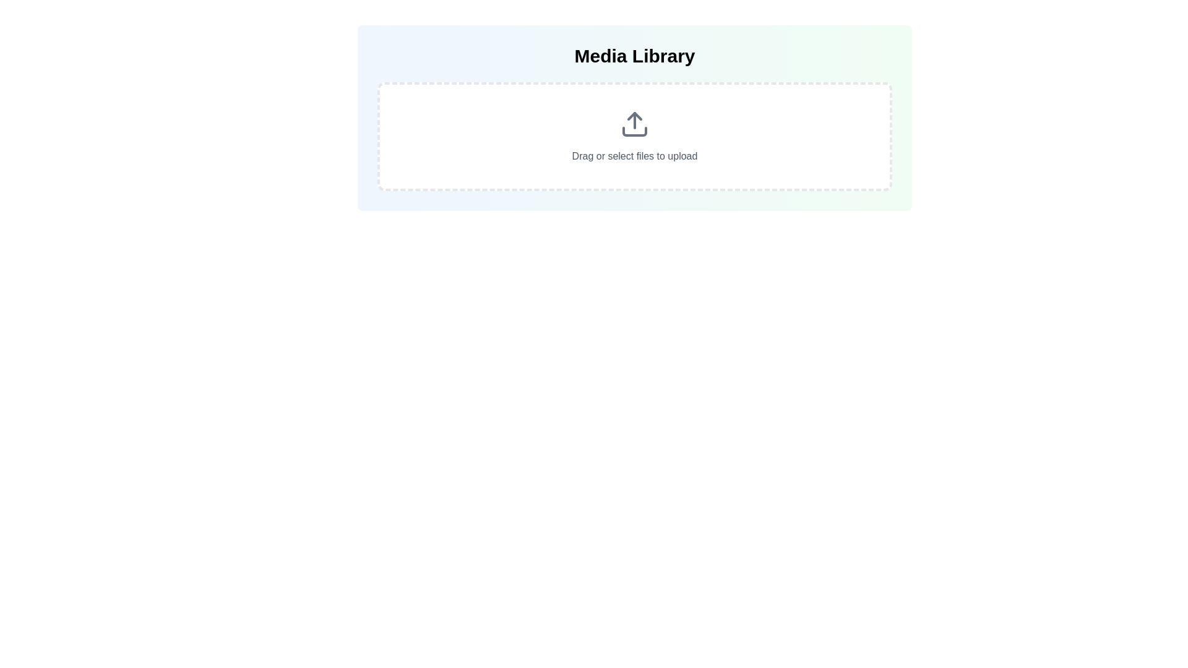 The width and height of the screenshot is (1188, 668). Describe the element at coordinates (635, 136) in the screenshot. I see `and drop files` at that location.